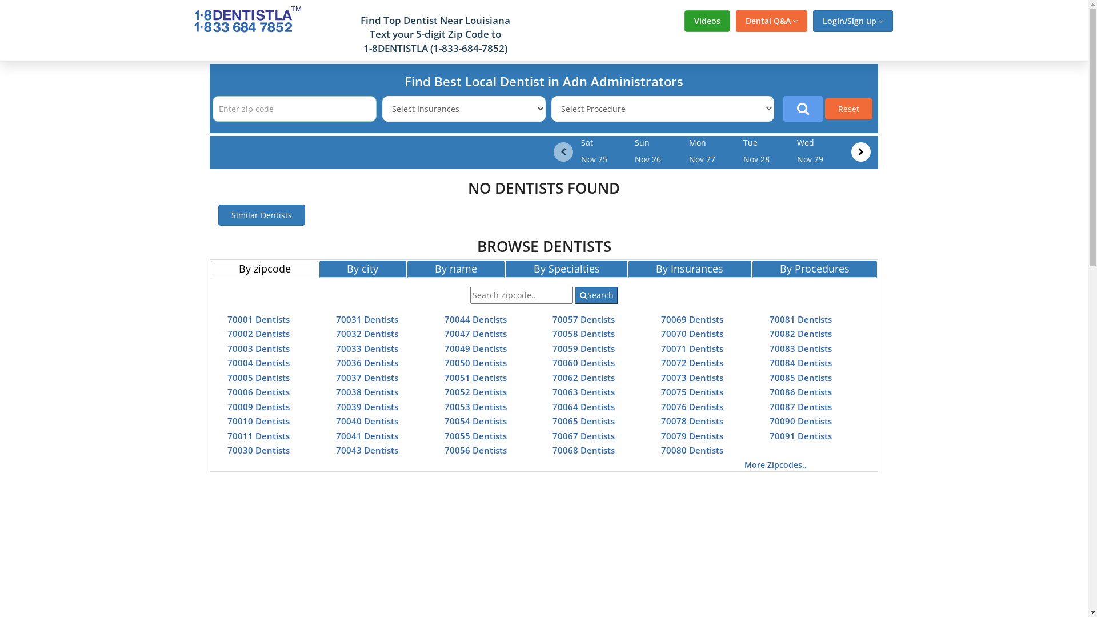 The width and height of the screenshot is (1097, 617). Describe the element at coordinates (475, 319) in the screenshot. I see `'70044 Dentists'` at that location.